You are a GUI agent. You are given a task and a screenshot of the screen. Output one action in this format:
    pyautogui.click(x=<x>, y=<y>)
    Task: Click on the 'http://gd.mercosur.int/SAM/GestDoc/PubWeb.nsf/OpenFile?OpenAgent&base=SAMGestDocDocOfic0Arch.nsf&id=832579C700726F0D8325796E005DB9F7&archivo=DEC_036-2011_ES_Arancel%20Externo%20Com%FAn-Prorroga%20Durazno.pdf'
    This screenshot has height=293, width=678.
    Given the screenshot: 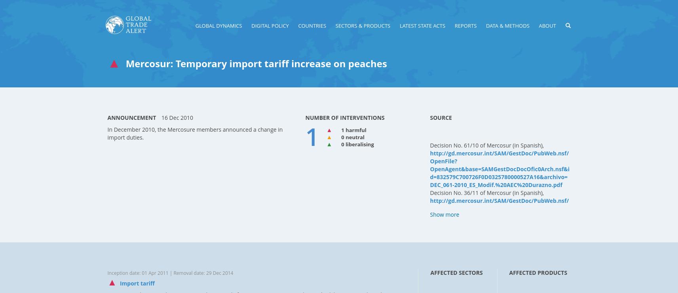 What is the action you would take?
    pyautogui.click(x=499, y=224)
    